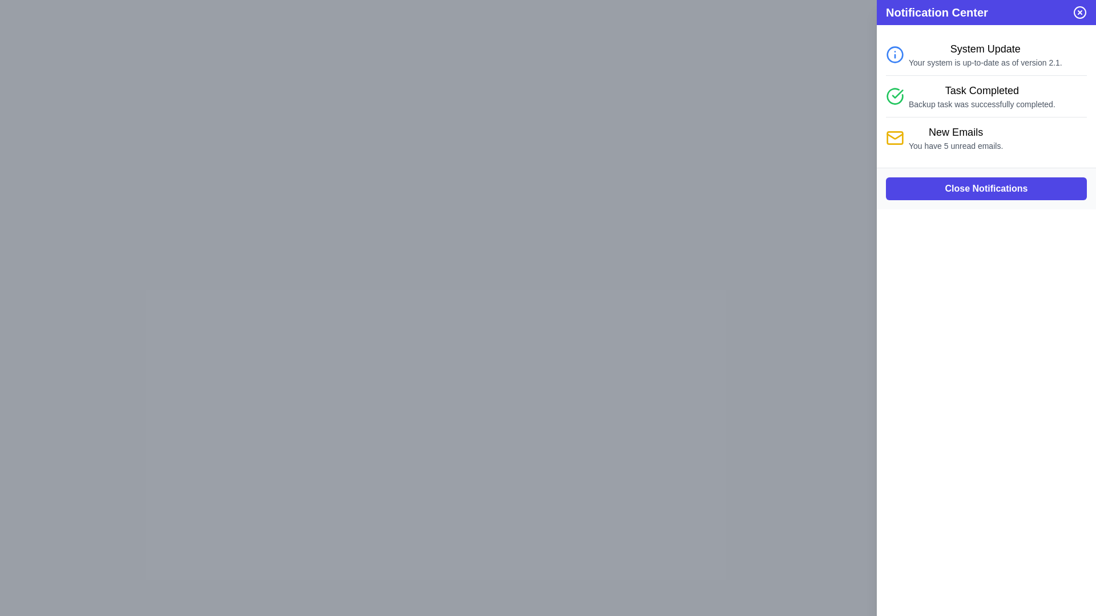  What do you see at coordinates (986, 136) in the screenshot?
I see `the third notification entry in the Notification Center that notifies the user about unread emails in their inbox` at bounding box center [986, 136].